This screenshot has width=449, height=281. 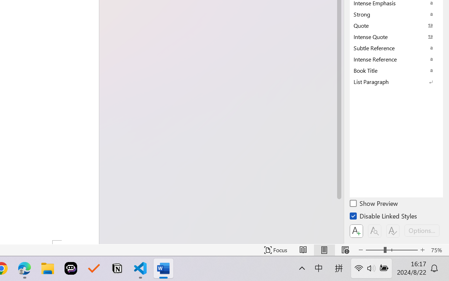 What do you see at coordinates (396, 70) in the screenshot?
I see `'Book Title'` at bounding box center [396, 70].